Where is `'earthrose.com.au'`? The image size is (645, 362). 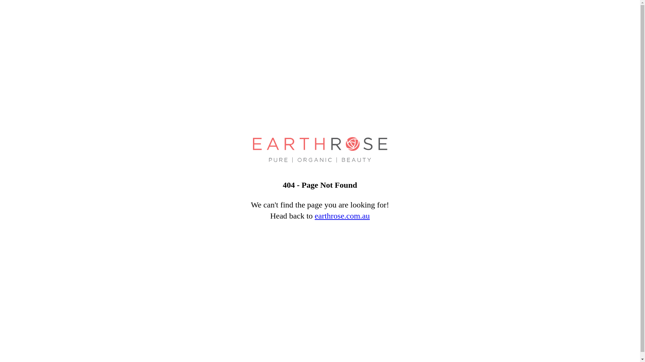
'earthrose.com.au' is located at coordinates (342, 216).